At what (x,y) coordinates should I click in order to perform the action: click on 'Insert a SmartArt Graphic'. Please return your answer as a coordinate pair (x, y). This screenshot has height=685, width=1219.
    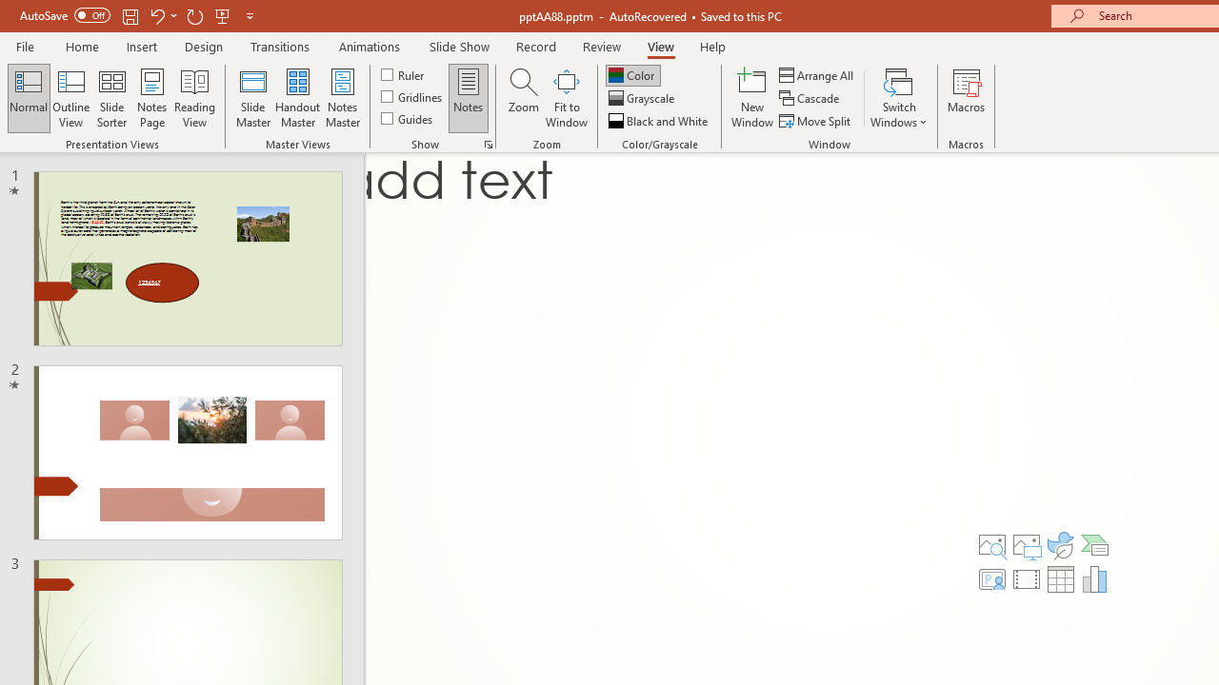
    Looking at the image, I should click on (1095, 545).